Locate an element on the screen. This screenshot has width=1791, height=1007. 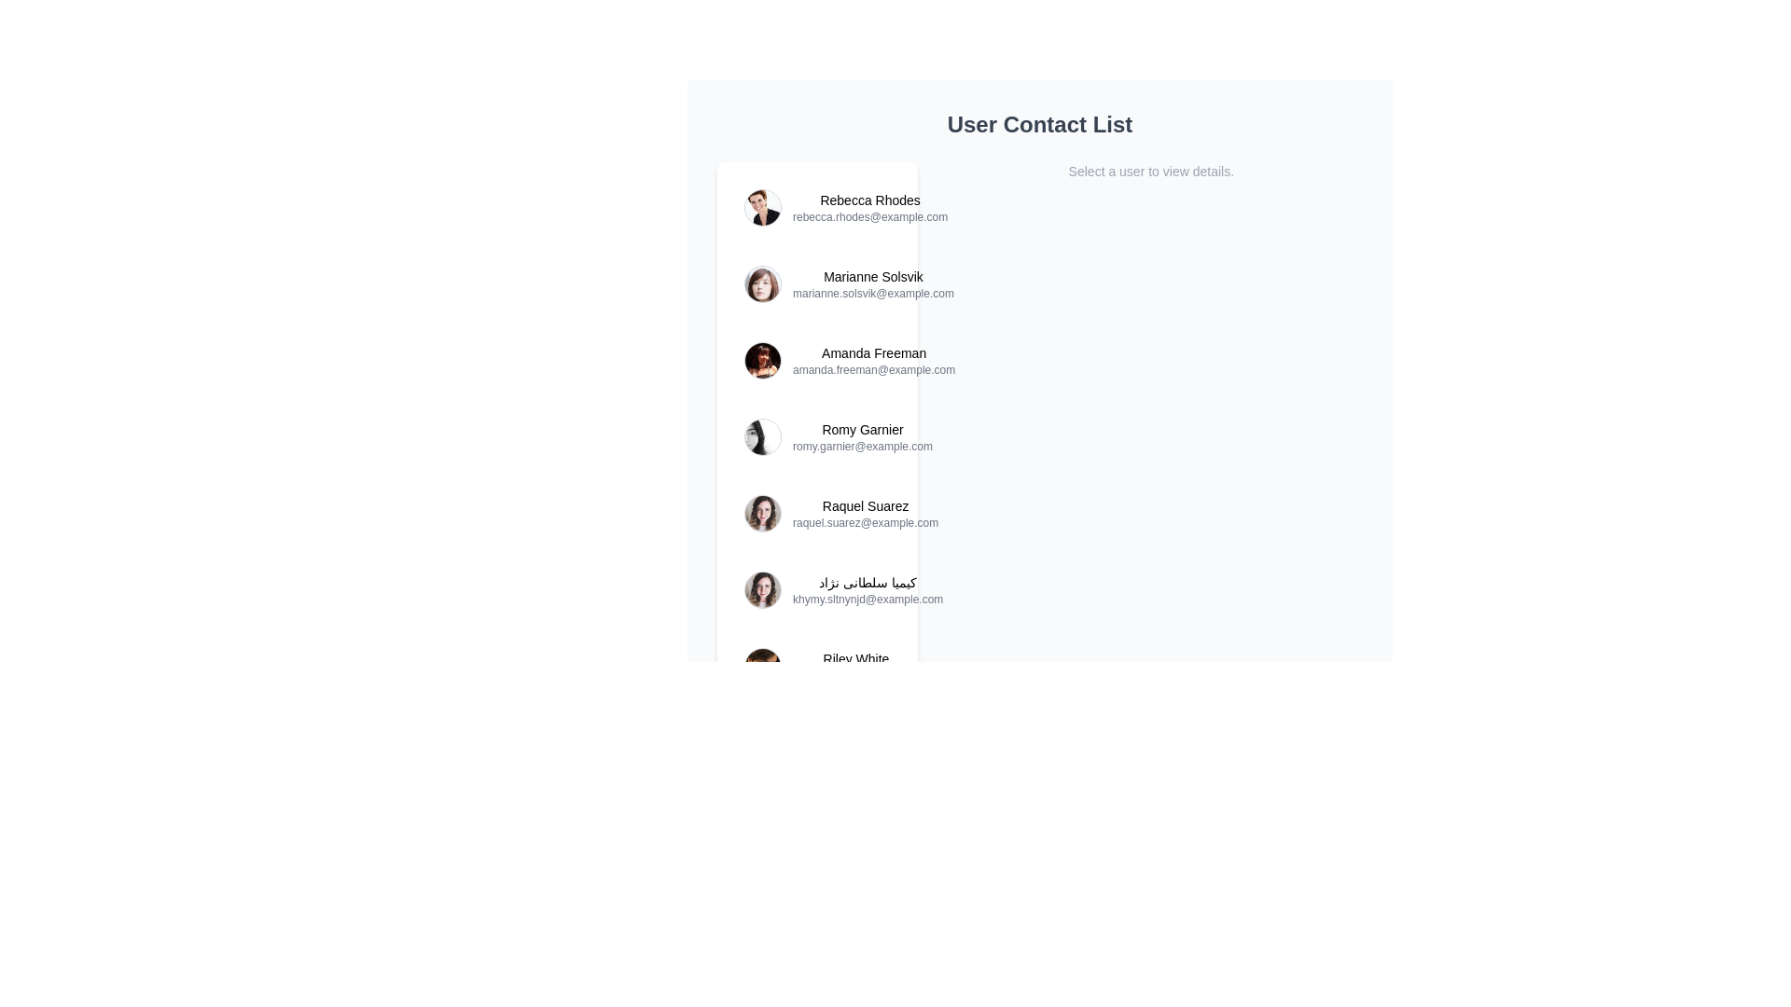
the email address text label, which is displayed in light gray font below the name 'کیمیا سلطانی نژاد' in a user contact list interface is located at coordinates (867, 600).